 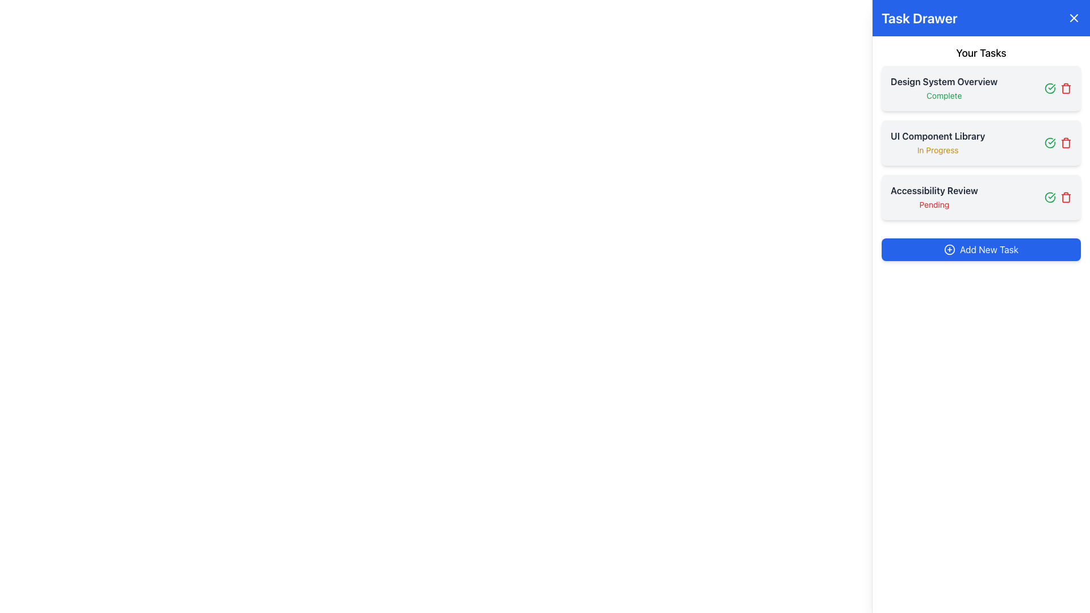 I want to click on the 'UI Component Library' task item card in the 'Your Tasks' section, so click(x=980, y=142).